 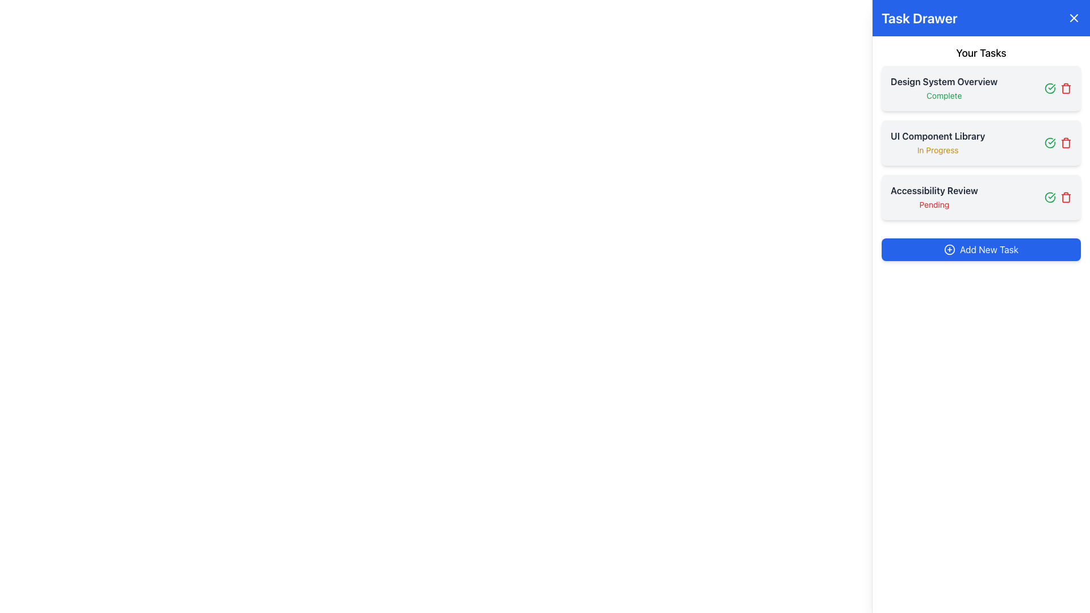 I want to click on the 'UI Component Library' task item card in the 'Your Tasks' section, so click(x=980, y=142).